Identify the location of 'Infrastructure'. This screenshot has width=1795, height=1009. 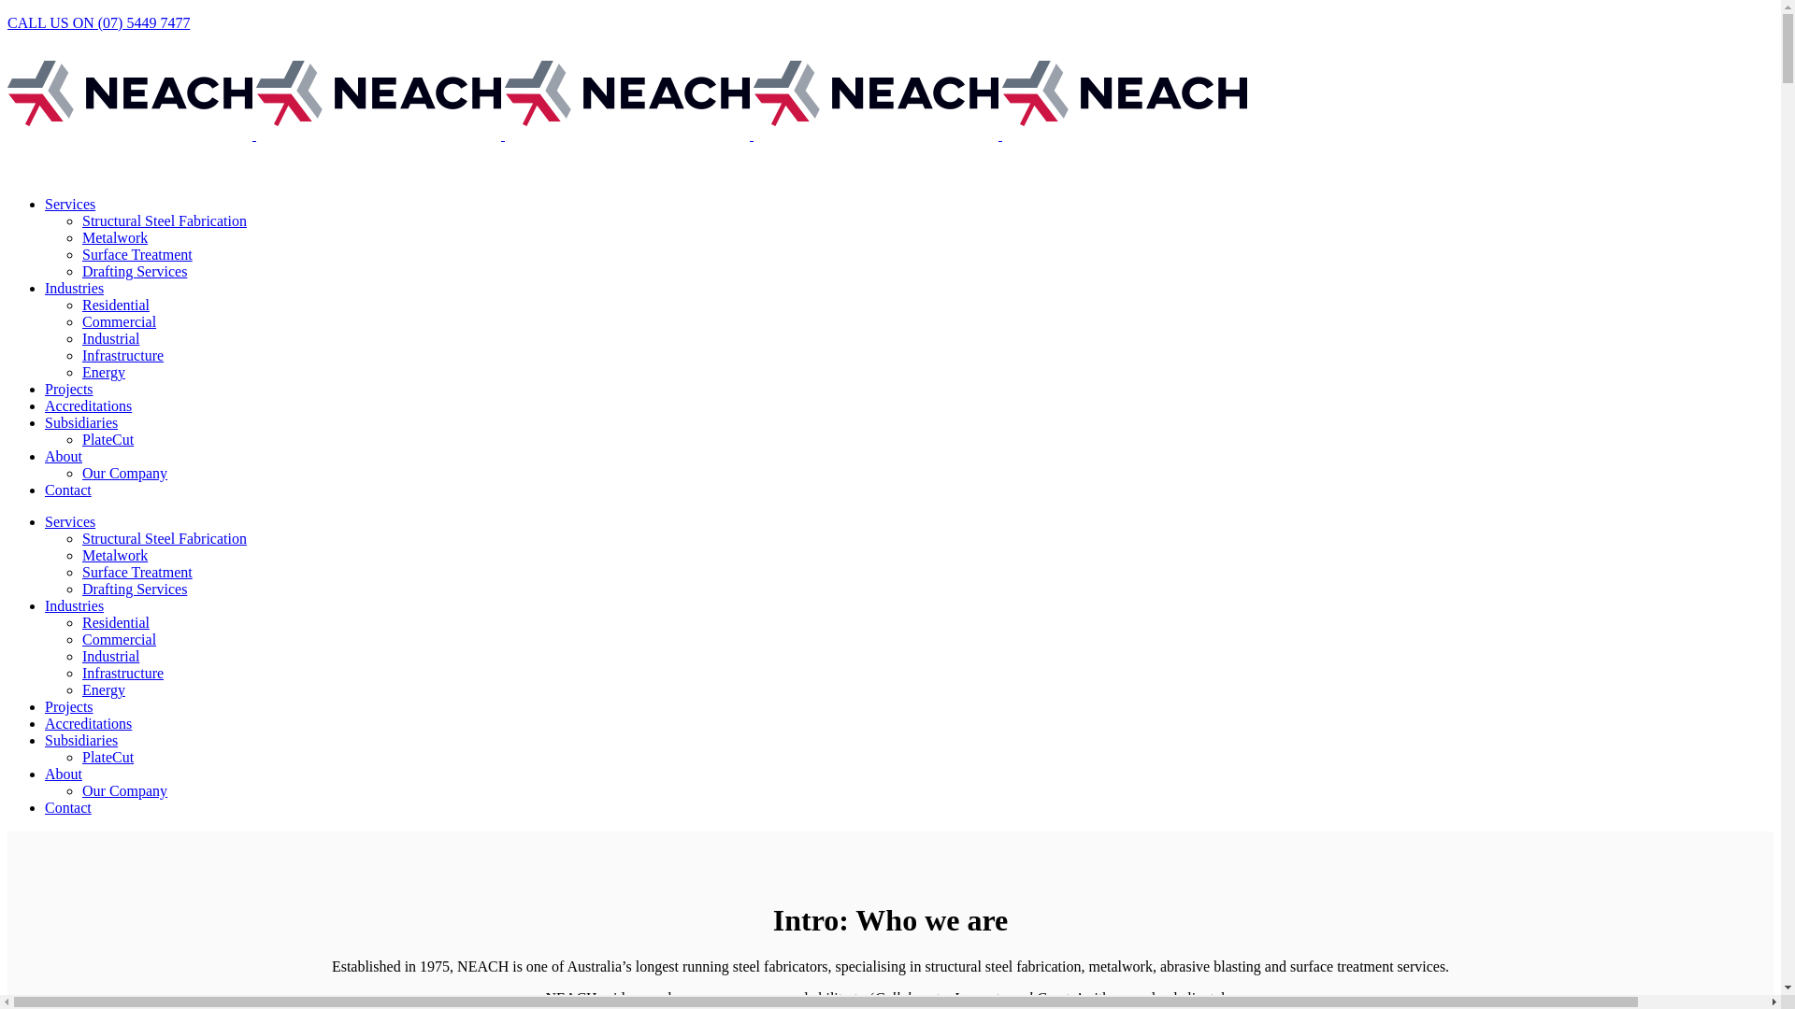
(122, 673).